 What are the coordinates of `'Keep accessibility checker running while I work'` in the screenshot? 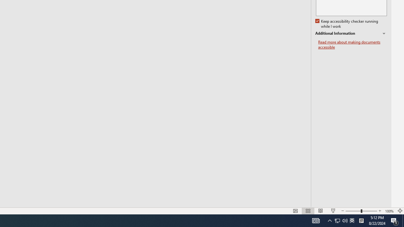 It's located at (347, 24).